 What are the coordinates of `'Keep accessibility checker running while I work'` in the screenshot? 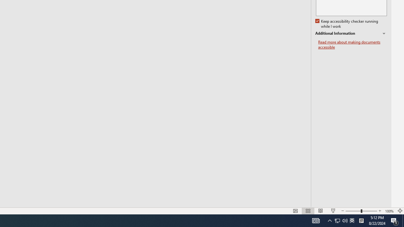 It's located at (347, 24).